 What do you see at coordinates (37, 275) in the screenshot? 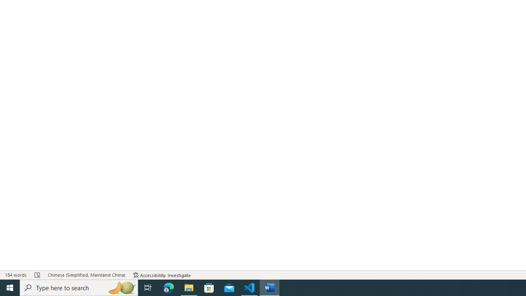
I see `'Spelling and Grammar Check Errors'` at bounding box center [37, 275].